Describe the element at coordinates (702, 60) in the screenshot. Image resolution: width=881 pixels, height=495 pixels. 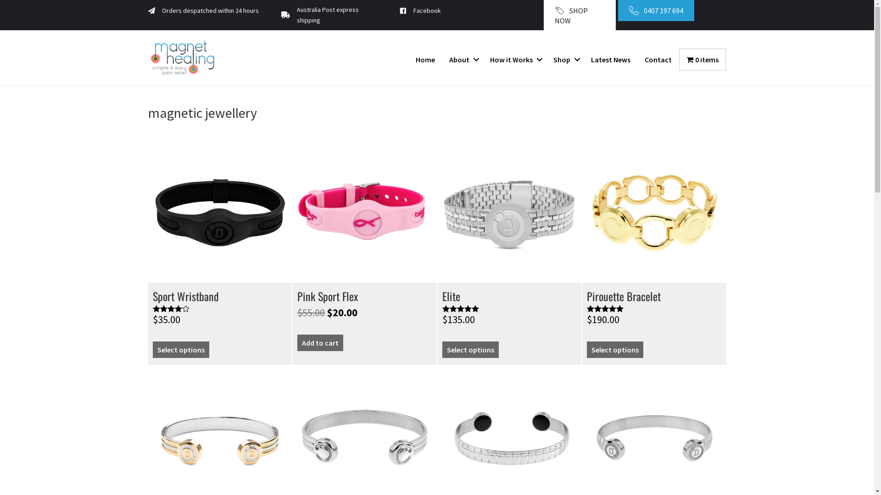
I see `'0 items'` at that location.